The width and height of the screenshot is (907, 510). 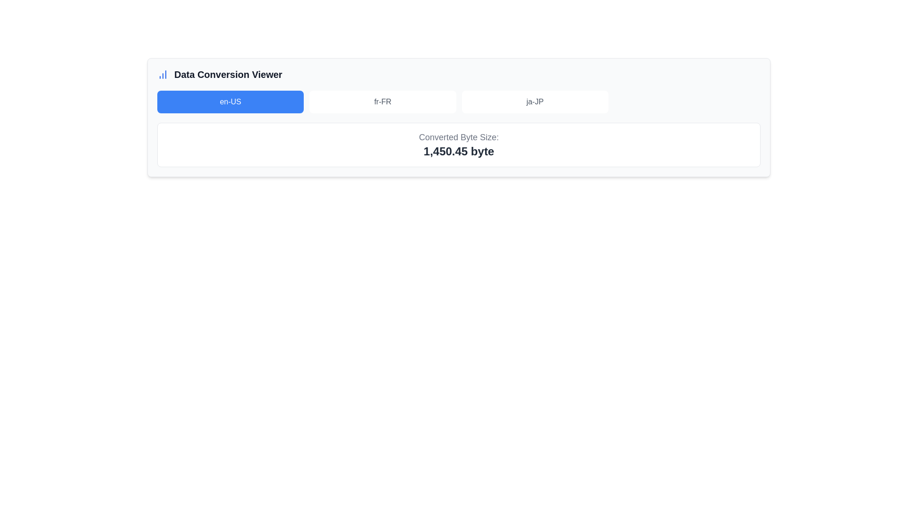 What do you see at coordinates (163, 74) in the screenshot?
I see `the three-bar chart icon that is positioned next to the 'Data Conversion Viewer' text, featuring a minimalist design with blue vertical bars of increasing height from left to right` at bounding box center [163, 74].